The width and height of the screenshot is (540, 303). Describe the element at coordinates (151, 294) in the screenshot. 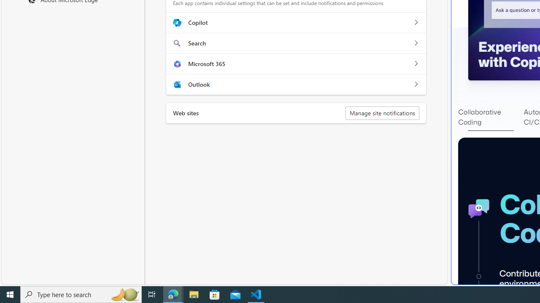

I see `'Task View'` at that location.